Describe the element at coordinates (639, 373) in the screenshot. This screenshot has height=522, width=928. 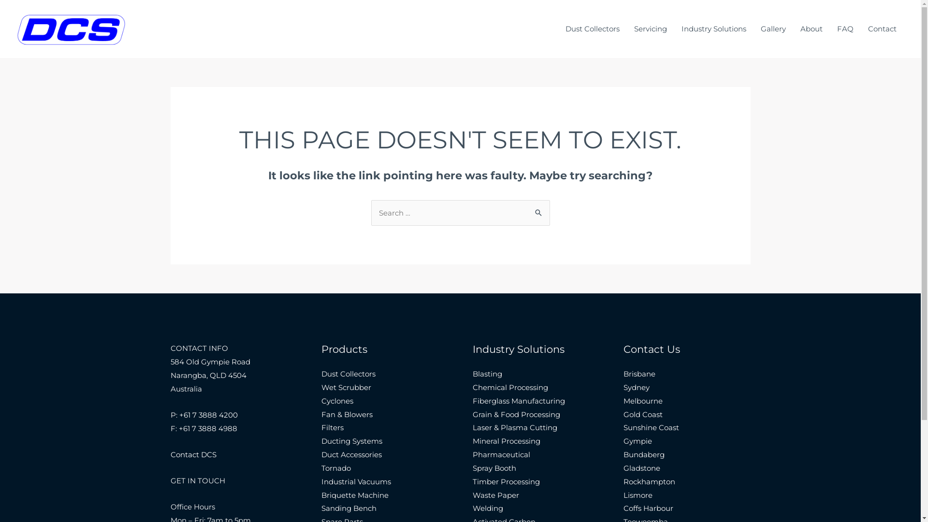
I see `'Brisbane'` at that location.